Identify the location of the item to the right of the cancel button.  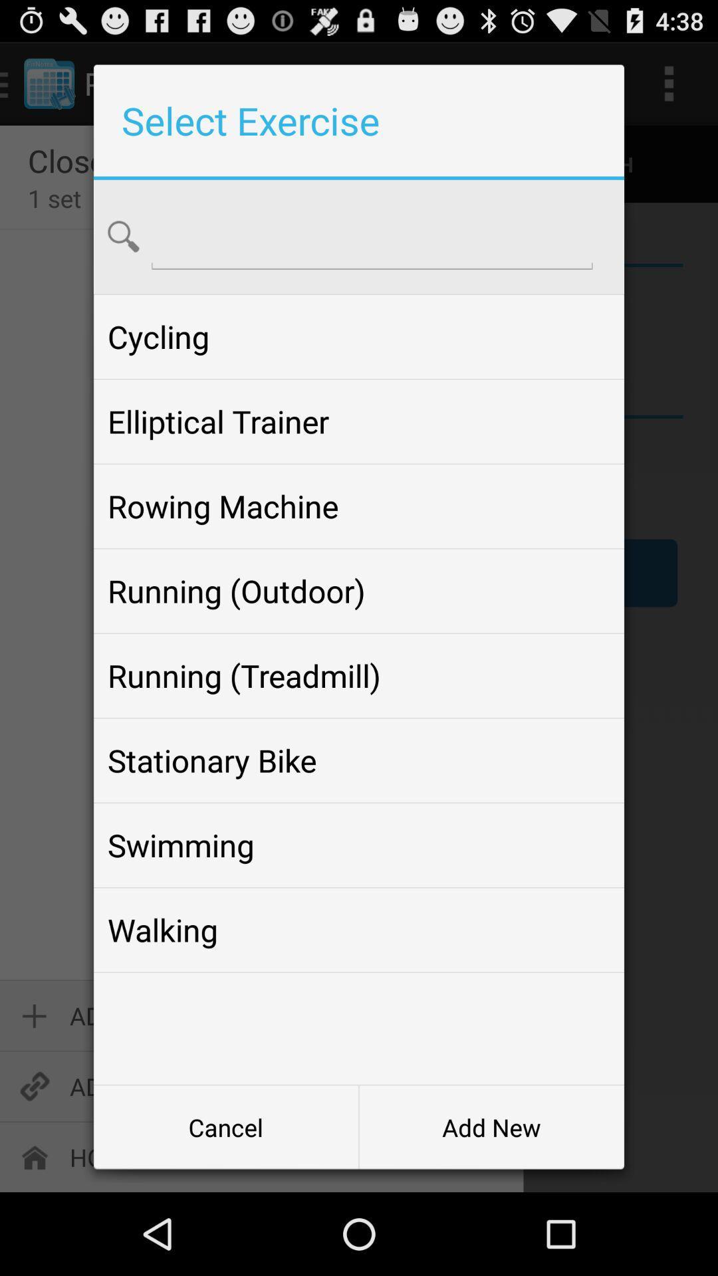
(491, 1126).